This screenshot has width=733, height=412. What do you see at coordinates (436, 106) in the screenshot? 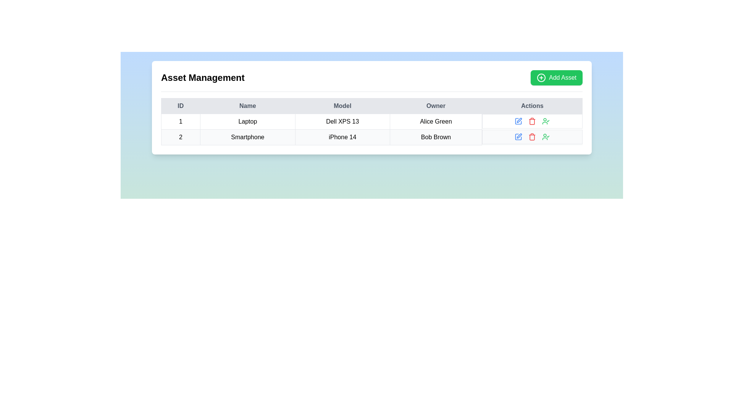
I see `the 'Owner' column header in the Asset Management table, which is located between the 'Model' and 'Actions' headers` at bounding box center [436, 106].